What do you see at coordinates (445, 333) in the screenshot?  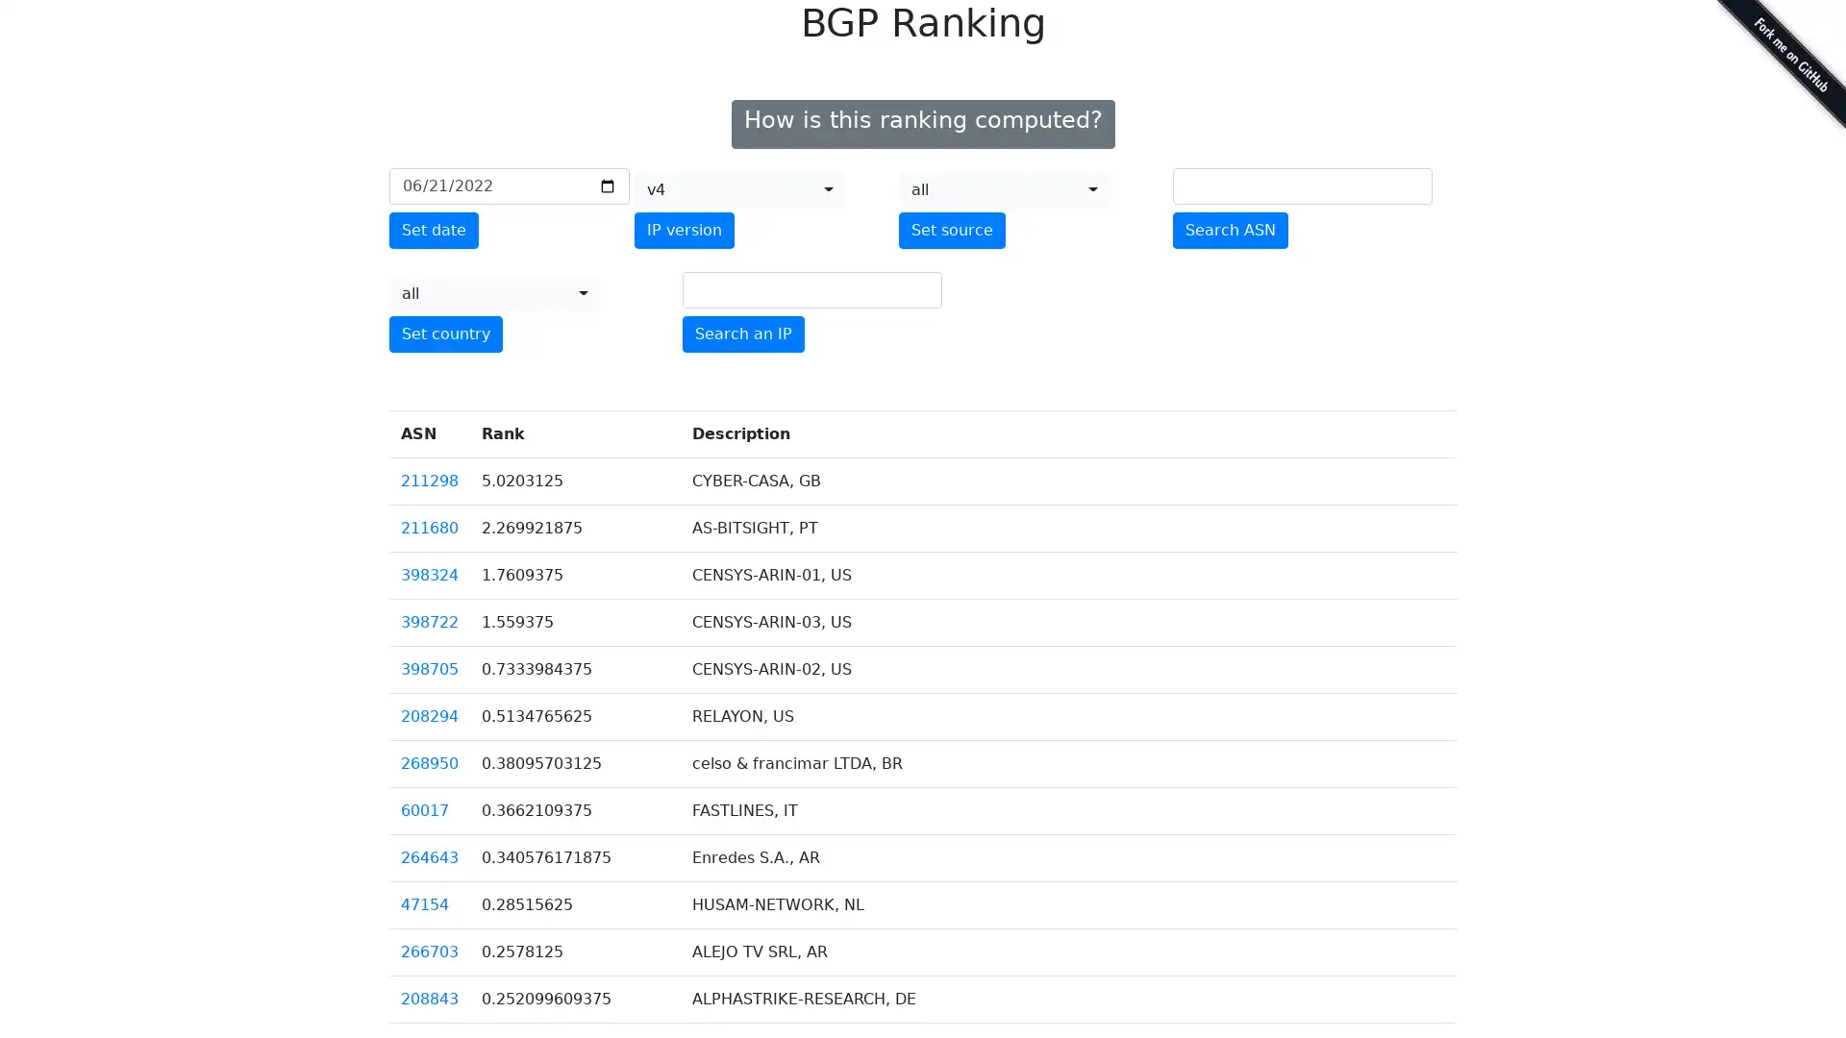 I see `Set country` at bounding box center [445, 333].